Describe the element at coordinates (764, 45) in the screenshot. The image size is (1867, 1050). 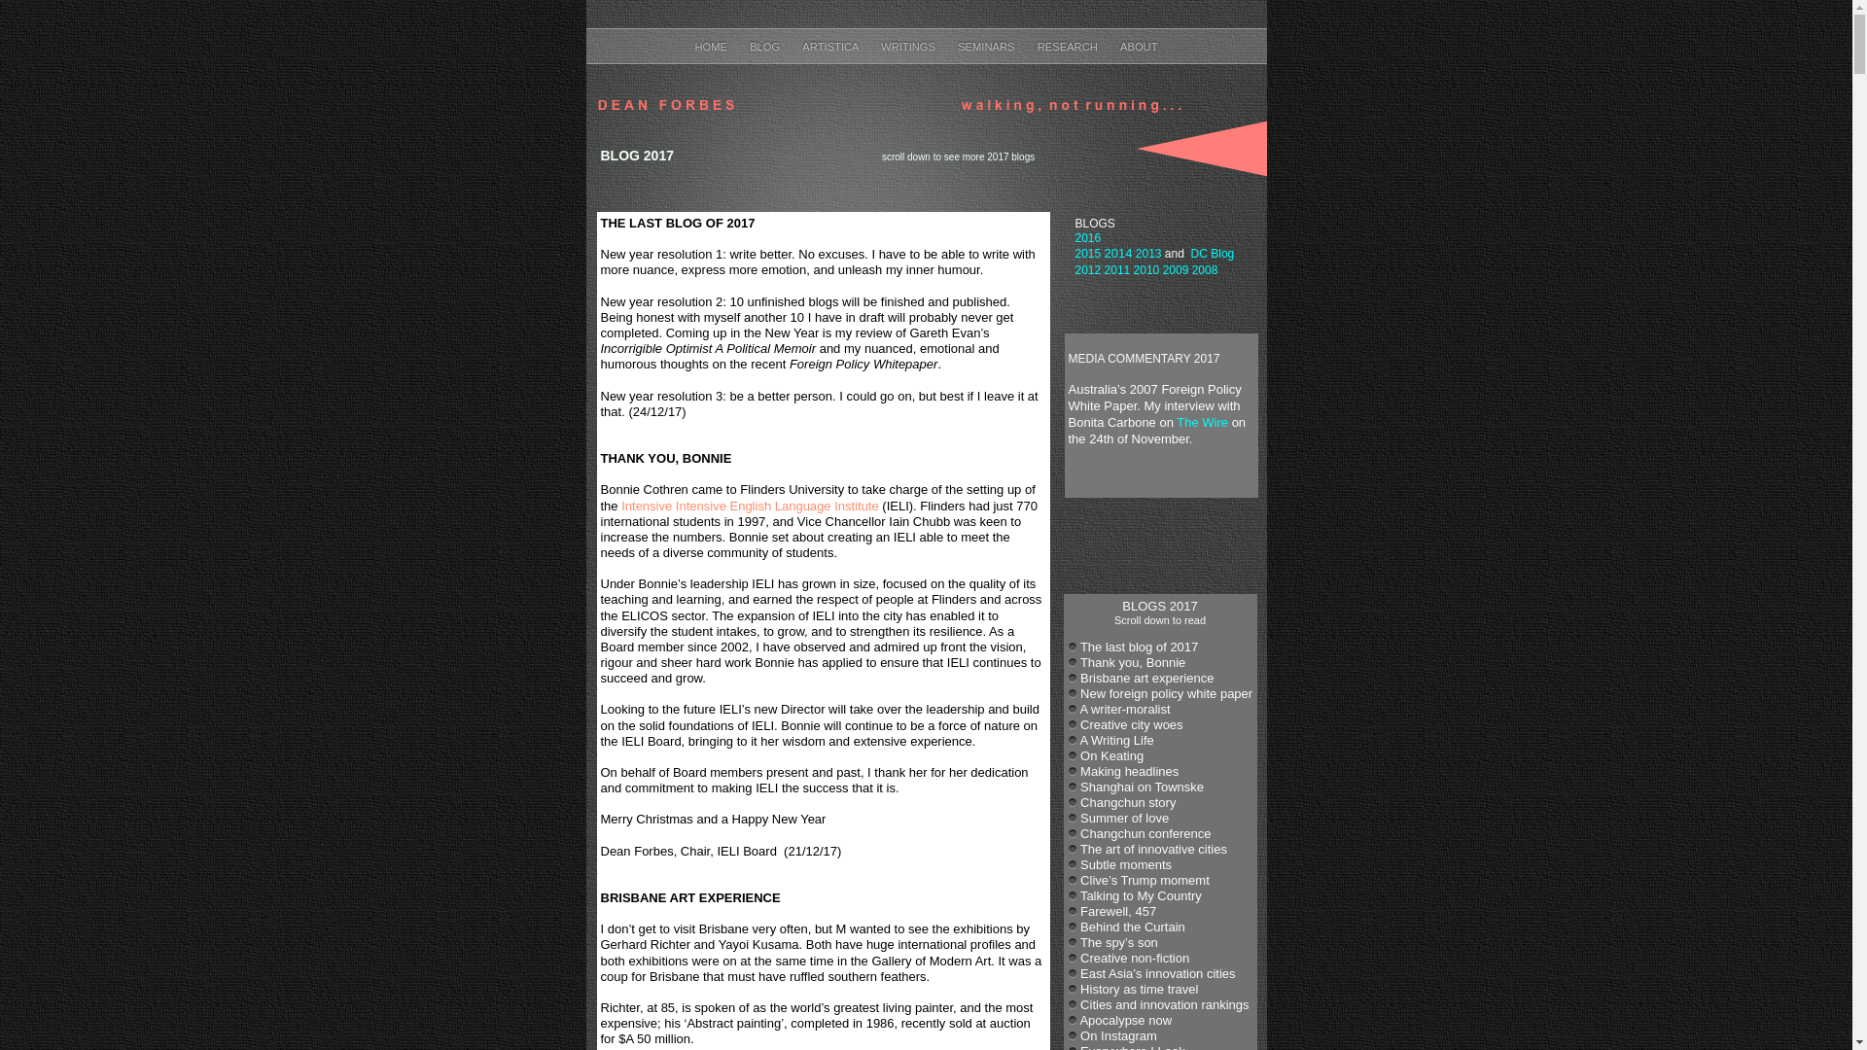
I see `'BLOG'` at that location.